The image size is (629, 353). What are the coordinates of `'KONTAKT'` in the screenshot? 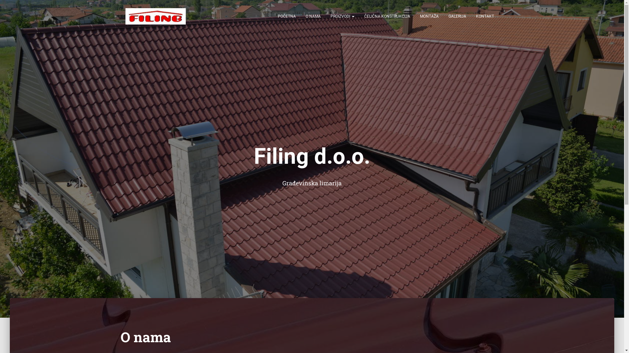 It's located at (485, 16).